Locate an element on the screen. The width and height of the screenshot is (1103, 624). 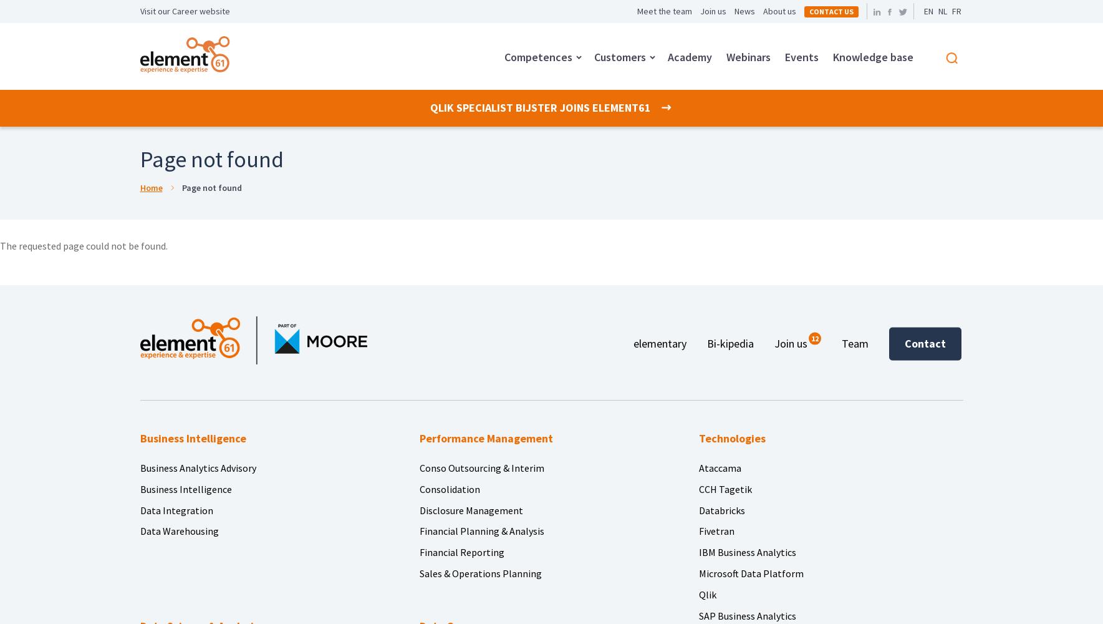
'Fivetran' is located at coordinates (715, 530).